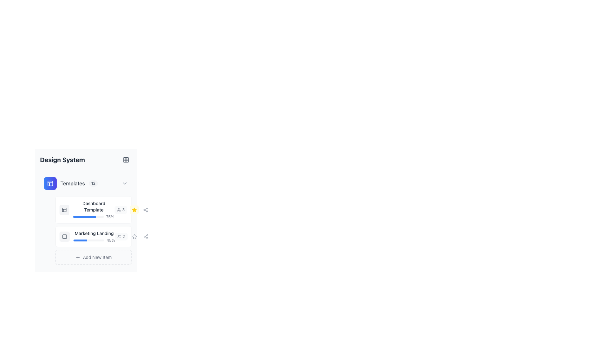  Describe the element at coordinates (84, 217) in the screenshot. I see `the progress indication of the Progress Bar located under the 'Dashboard Template' heading in the second section of the UI` at that location.